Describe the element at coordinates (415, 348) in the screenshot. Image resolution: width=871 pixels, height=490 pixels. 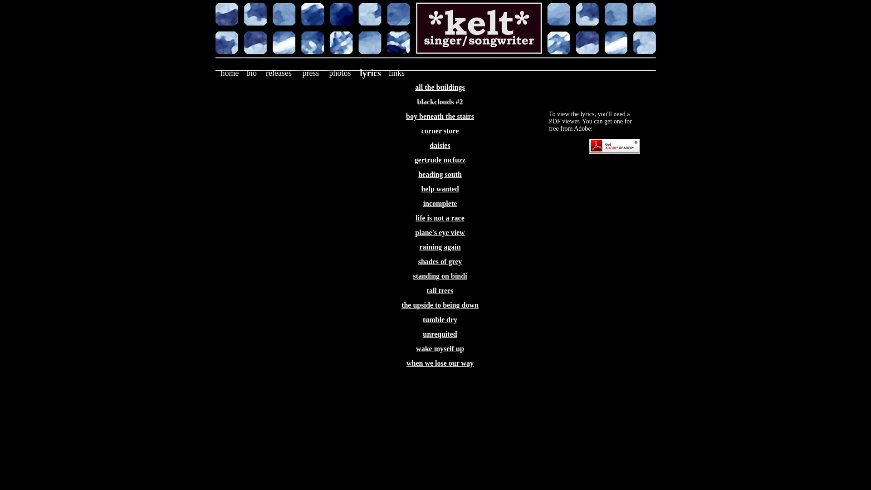
I see `'wake myself up'` at that location.